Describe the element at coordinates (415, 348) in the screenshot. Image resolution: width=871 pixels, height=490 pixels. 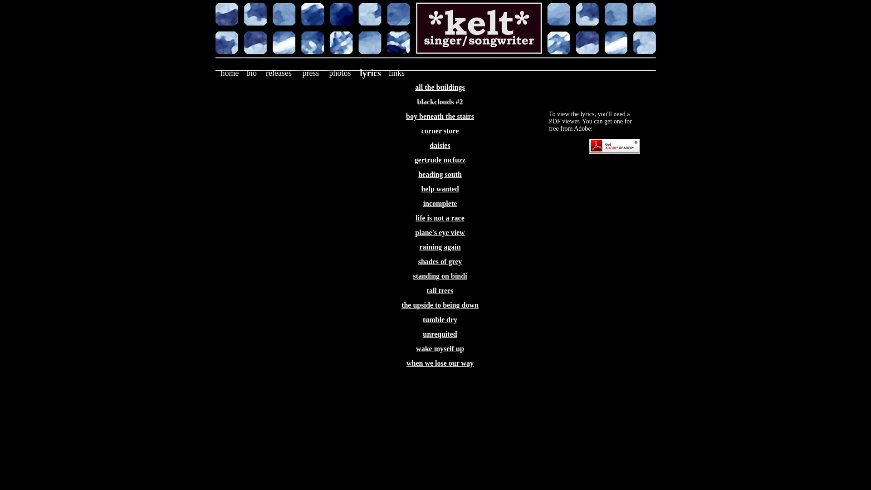
I see `'wake myself up'` at that location.